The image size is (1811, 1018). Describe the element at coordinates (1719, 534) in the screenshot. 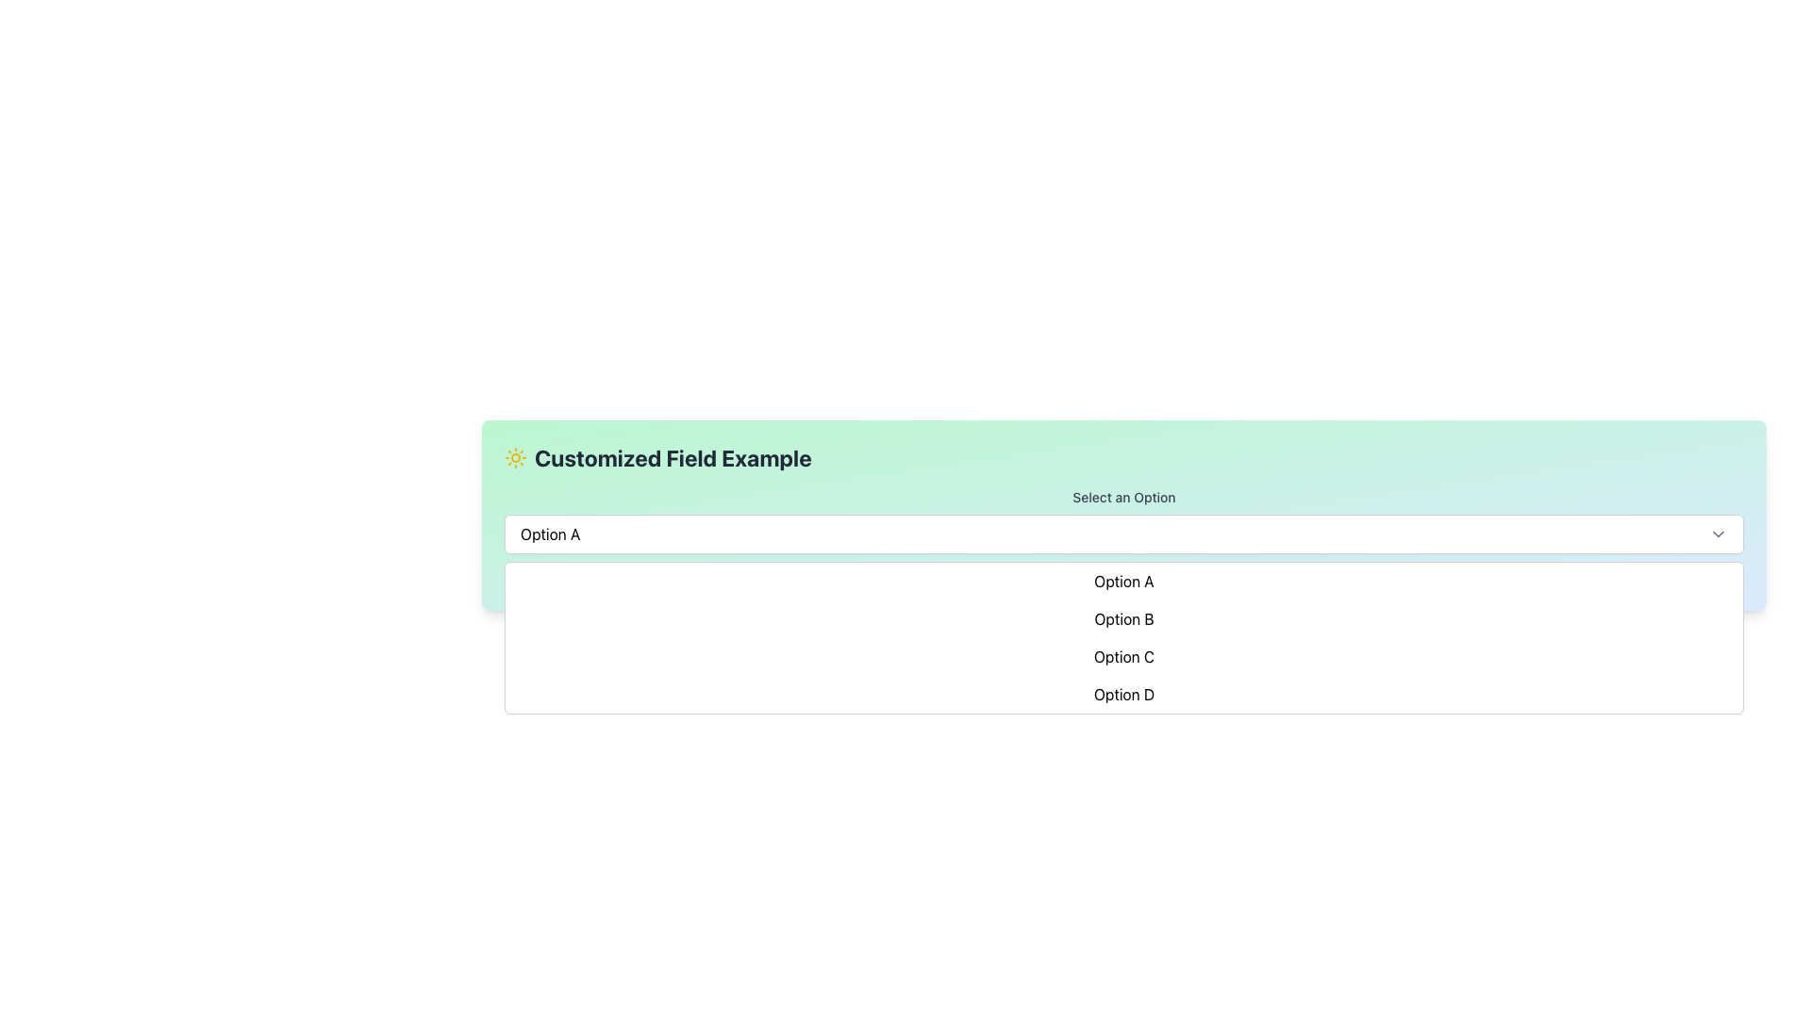

I see `the chevron icon located in the rightmost section of the dropdown field` at that location.